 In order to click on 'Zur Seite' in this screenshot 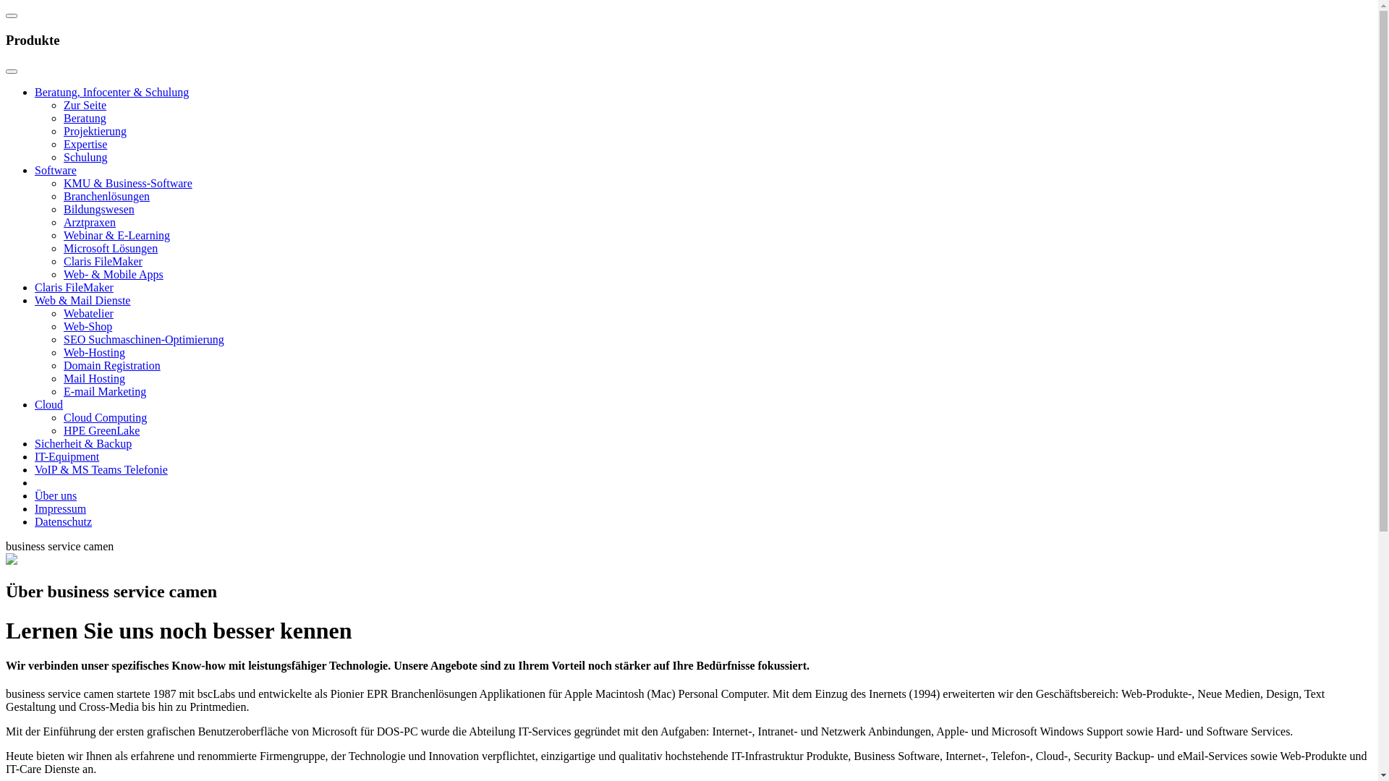, I will do `click(84, 104)`.